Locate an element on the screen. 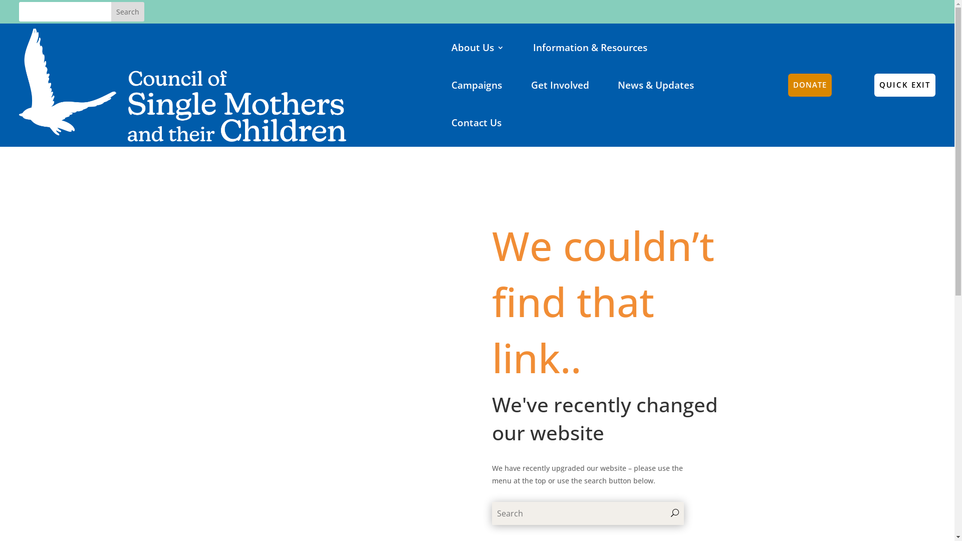 The image size is (962, 541). 'DONATE' is located at coordinates (810, 84).